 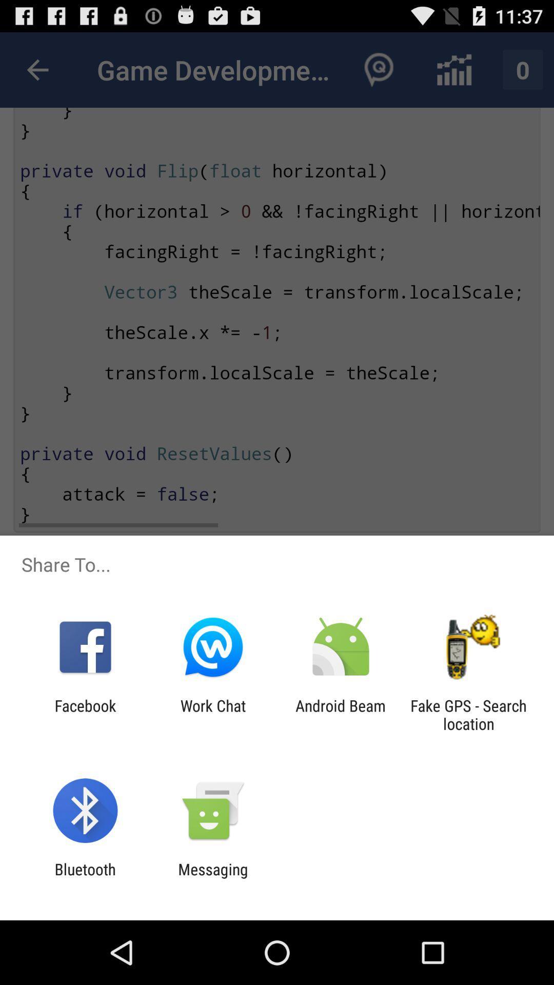 What do you see at coordinates (212, 714) in the screenshot?
I see `work chat icon` at bounding box center [212, 714].